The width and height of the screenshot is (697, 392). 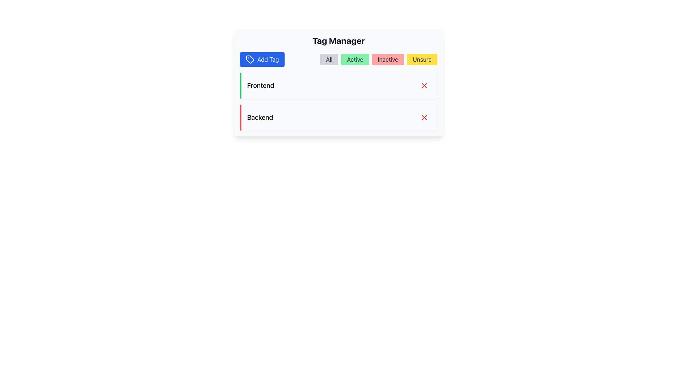 What do you see at coordinates (260, 117) in the screenshot?
I see `the text label that identifies the tag category named 'Backend' in the Tag Manager section, positioned in the second row under the 'Frontend' label` at bounding box center [260, 117].